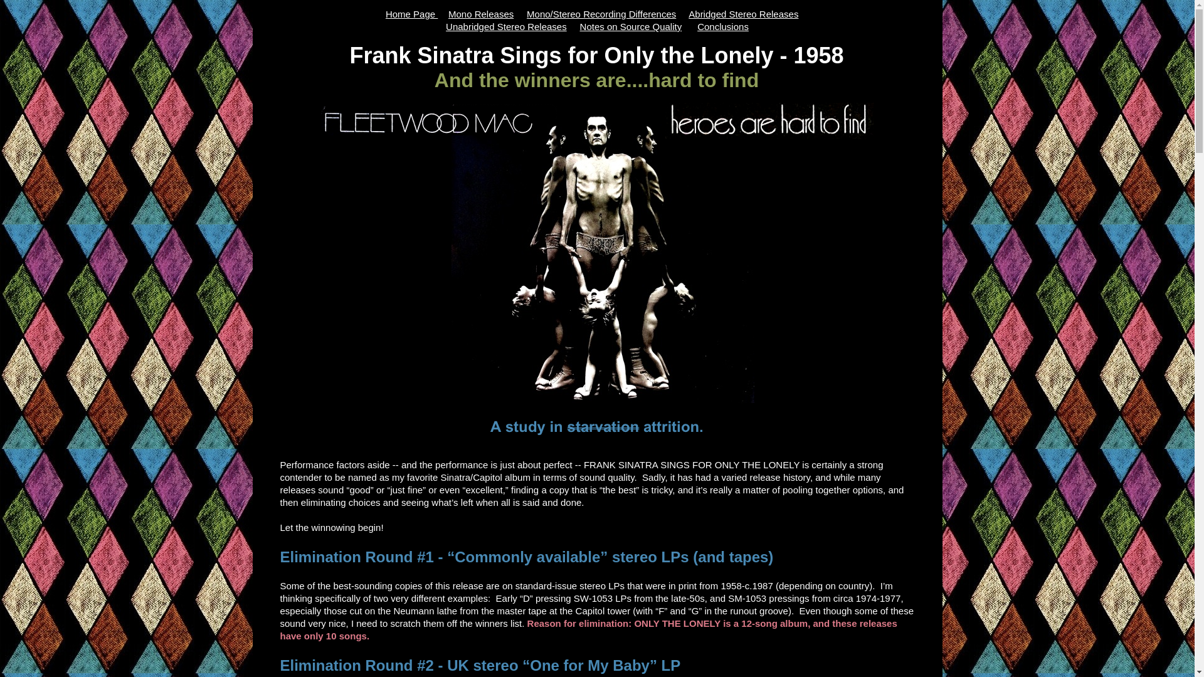 This screenshot has height=677, width=1204. Describe the element at coordinates (688, 14) in the screenshot. I see `'Abridged Stereo Releases'` at that location.